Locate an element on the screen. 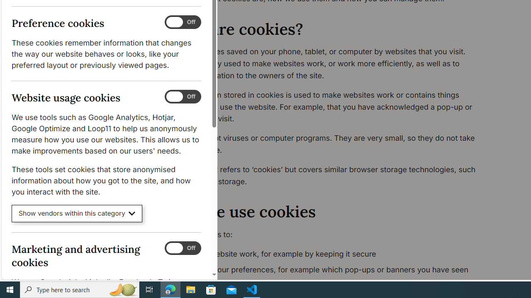 Image resolution: width=531 pixels, height=298 pixels. 'Marketing and advertising cookies' is located at coordinates (182, 248).